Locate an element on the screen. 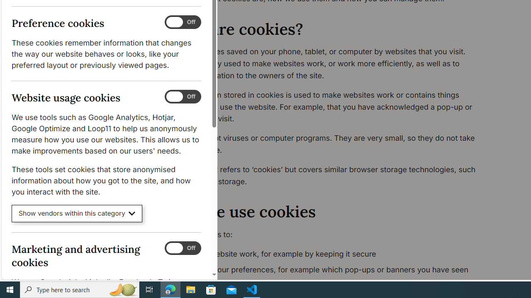 Image resolution: width=531 pixels, height=298 pixels. 'Marketing and advertising cookies' is located at coordinates (182, 248).